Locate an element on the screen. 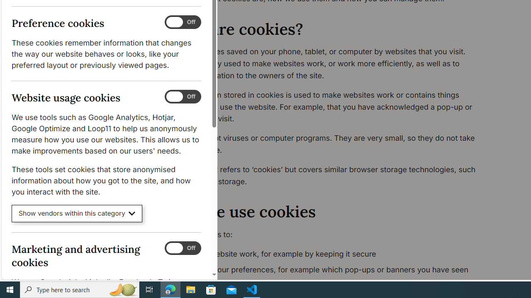 Image resolution: width=531 pixels, height=298 pixels. 'Marketing and advertising cookies' is located at coordinates (182, 248).